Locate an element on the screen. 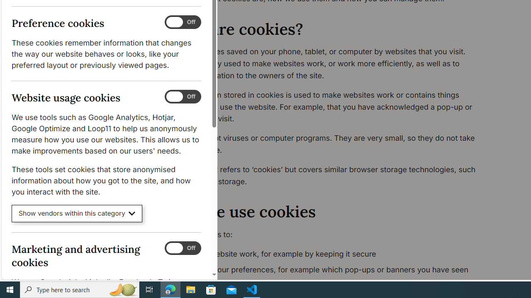 Image resolution: width=531 pixels, height=298 pixels. 'Marketing and advertising cookies' is located at coordinates (182, 248).